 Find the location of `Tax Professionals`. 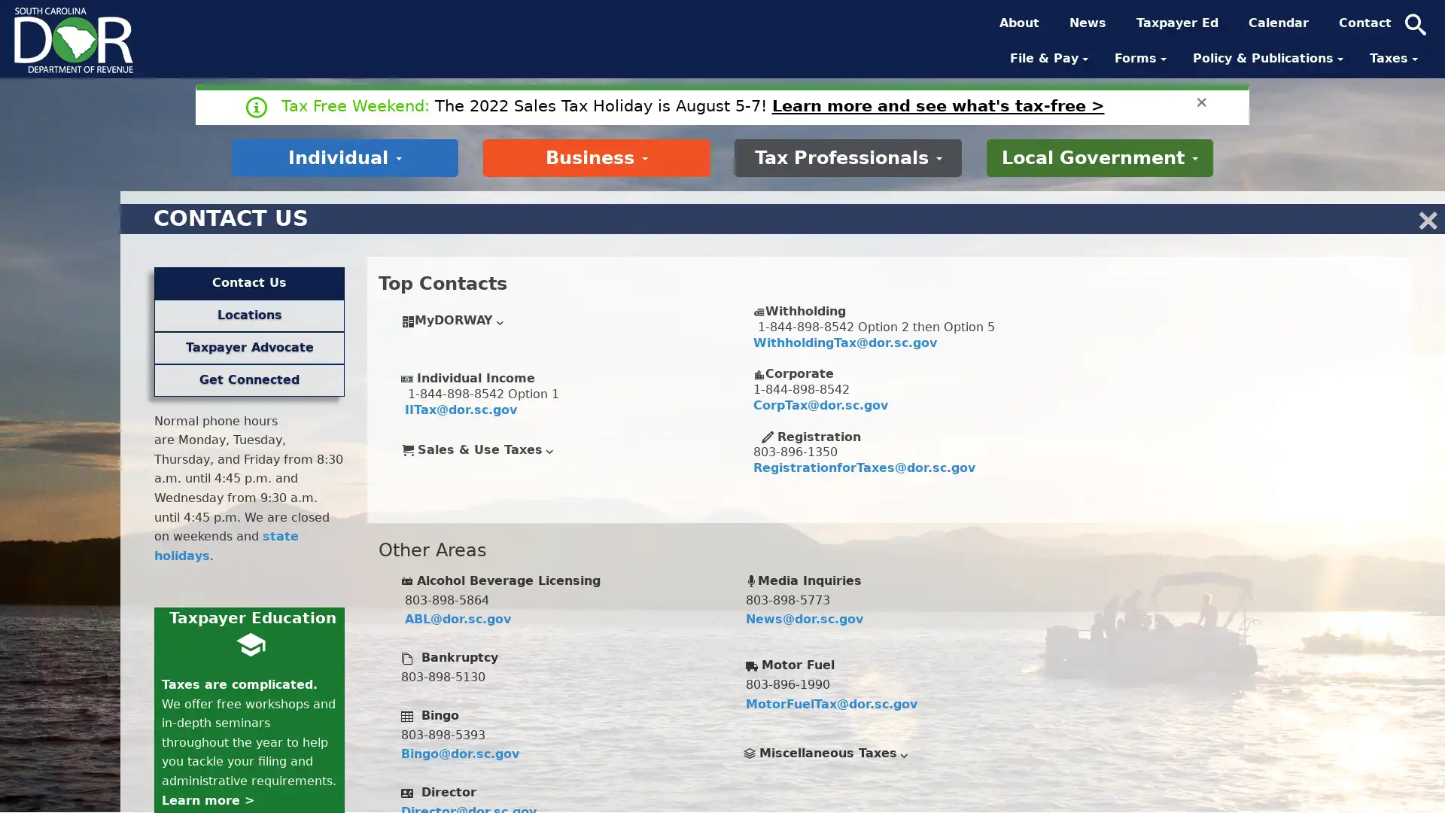

Tax Professionals is located at coordinates (847, 157).